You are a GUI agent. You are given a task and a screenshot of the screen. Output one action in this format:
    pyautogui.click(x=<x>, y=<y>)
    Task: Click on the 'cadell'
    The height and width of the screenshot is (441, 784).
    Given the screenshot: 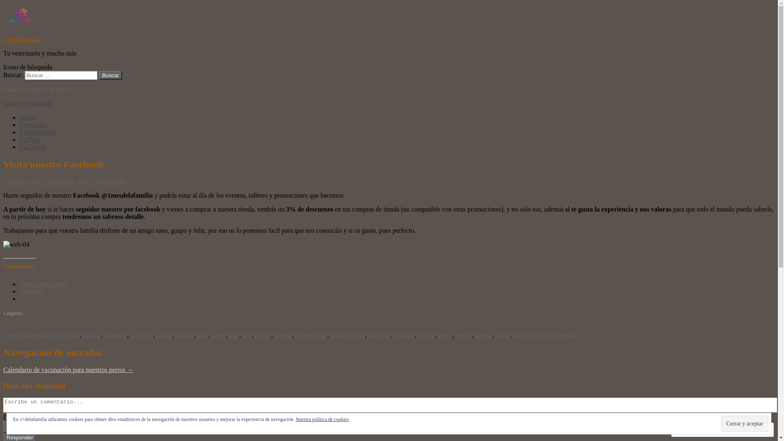 What is the action you would take?
    pyautogui.click(x=164, y=335)
    